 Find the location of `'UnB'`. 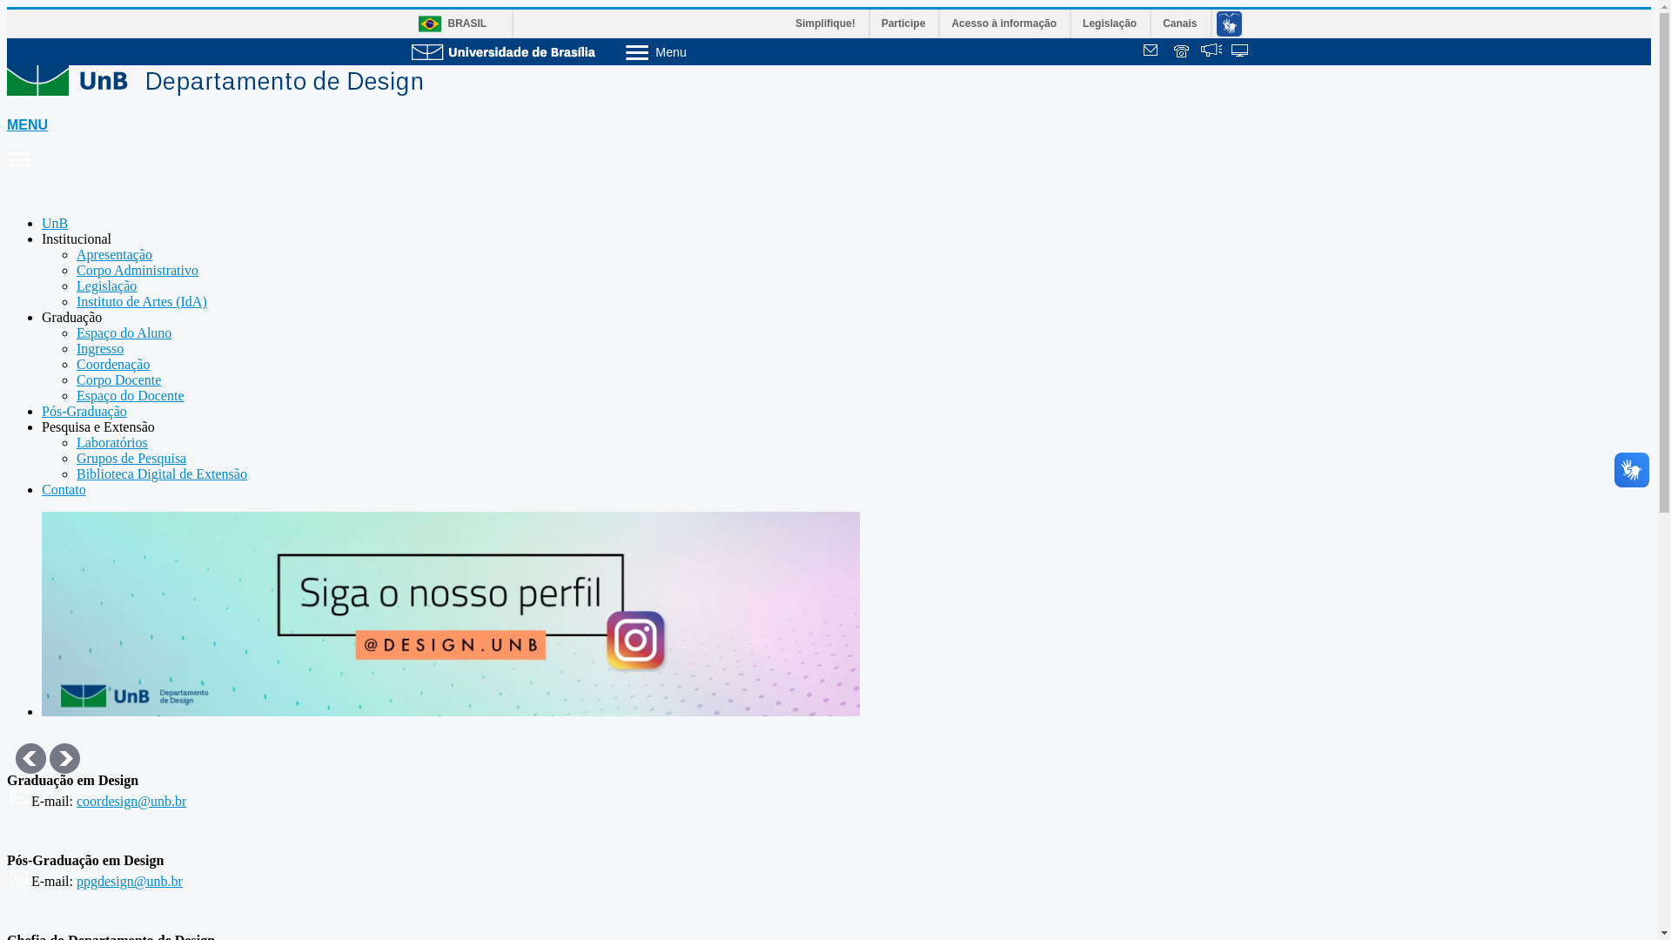

'UnB' is located at coordinates (54, 222).